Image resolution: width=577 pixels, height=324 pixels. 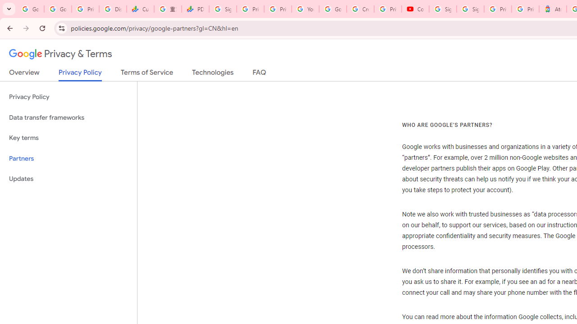 What do you see at coordinates (212, 74) in the screenshot?
I see `'Technologies'` at bounding box center [212, 74].